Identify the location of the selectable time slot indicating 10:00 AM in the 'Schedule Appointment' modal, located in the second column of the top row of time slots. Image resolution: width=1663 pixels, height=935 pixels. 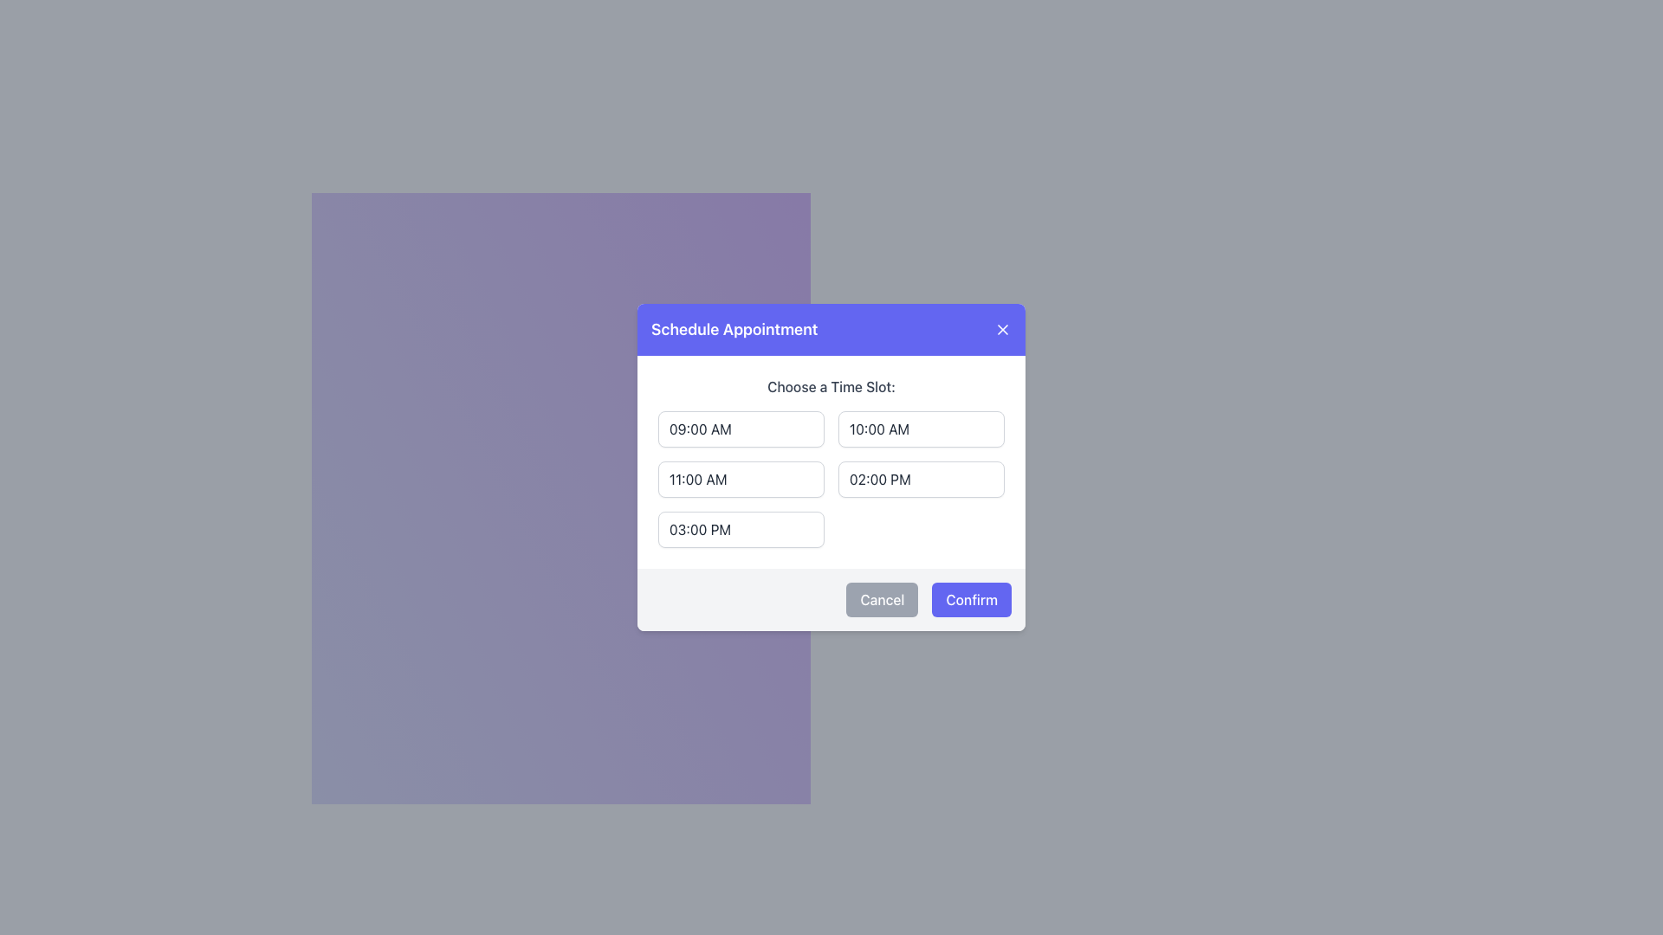
(879, 429).